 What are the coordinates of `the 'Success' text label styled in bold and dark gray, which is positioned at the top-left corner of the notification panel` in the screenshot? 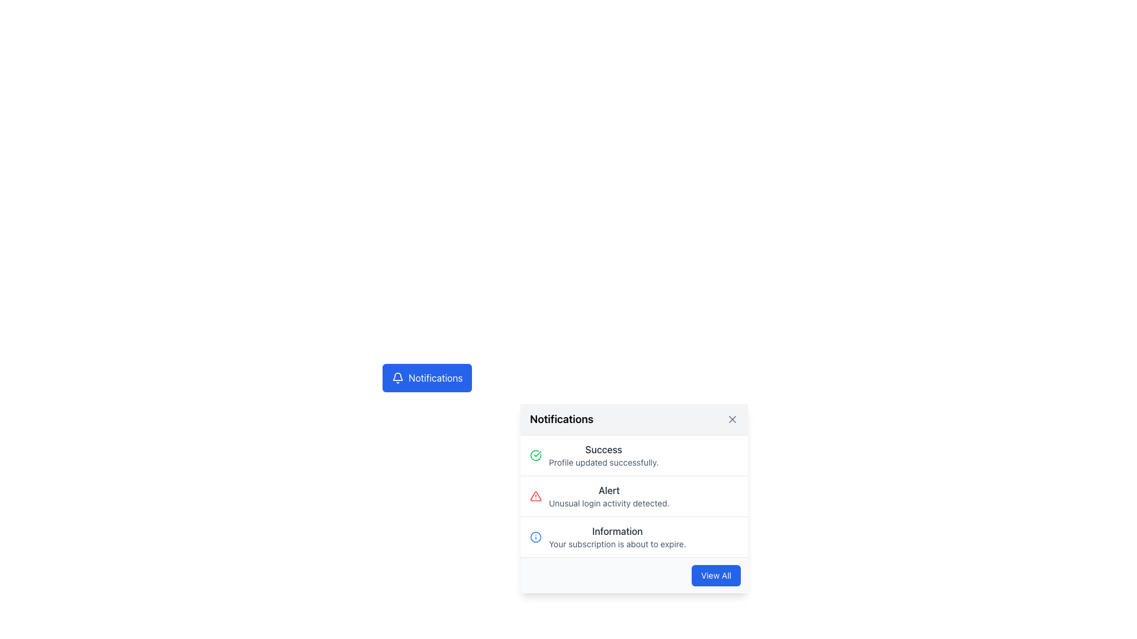 It's located at (603, 449).